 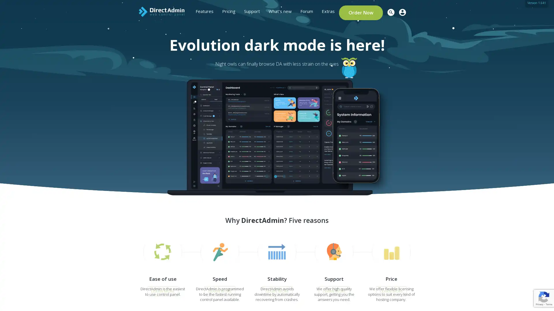 What do you see at coordinates (130, 133) in the screenshot?
I see `See more` at bounding box center [130, 133].